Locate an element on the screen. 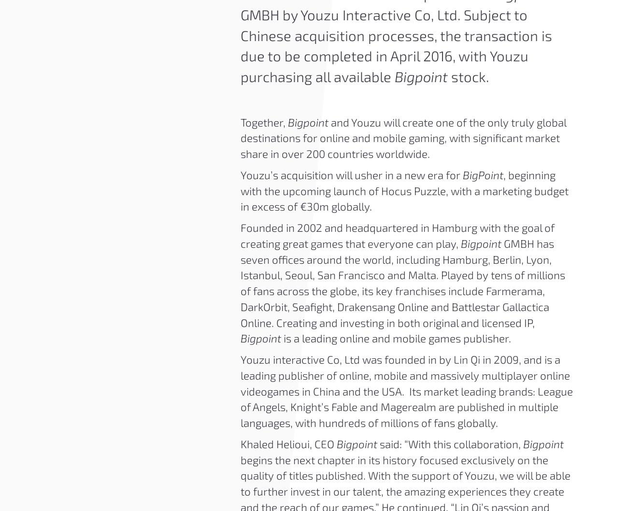 The height and width of the screenshot is (511, 628). 'stock.' is located at coordinates (468, 75).